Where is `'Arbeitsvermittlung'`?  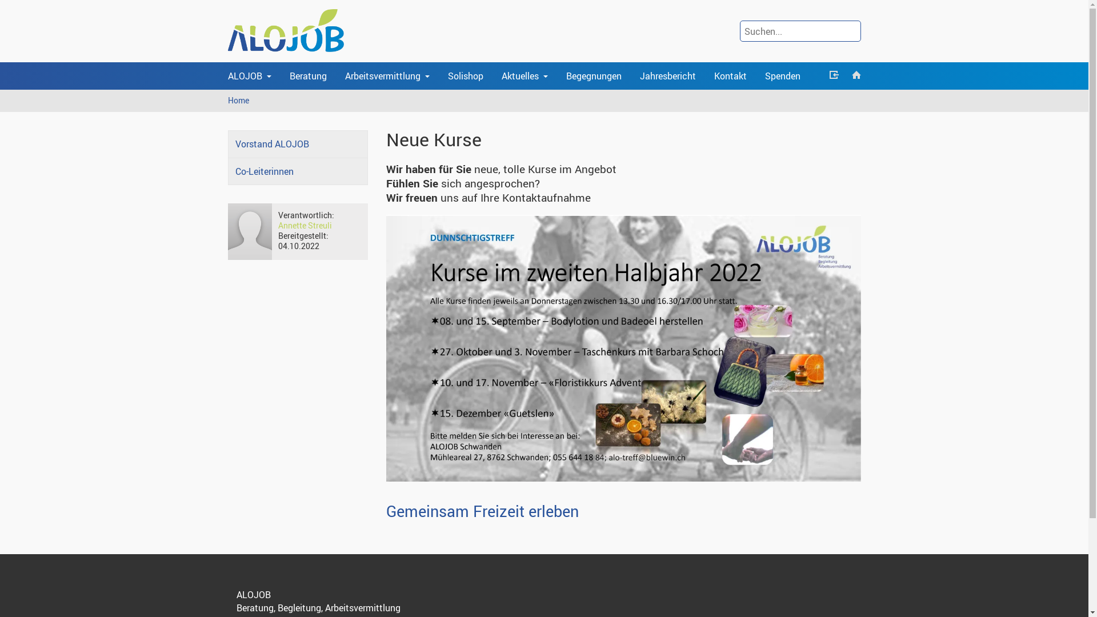 'Arbeitsvermittlung' is located at coordinates (387, 75).